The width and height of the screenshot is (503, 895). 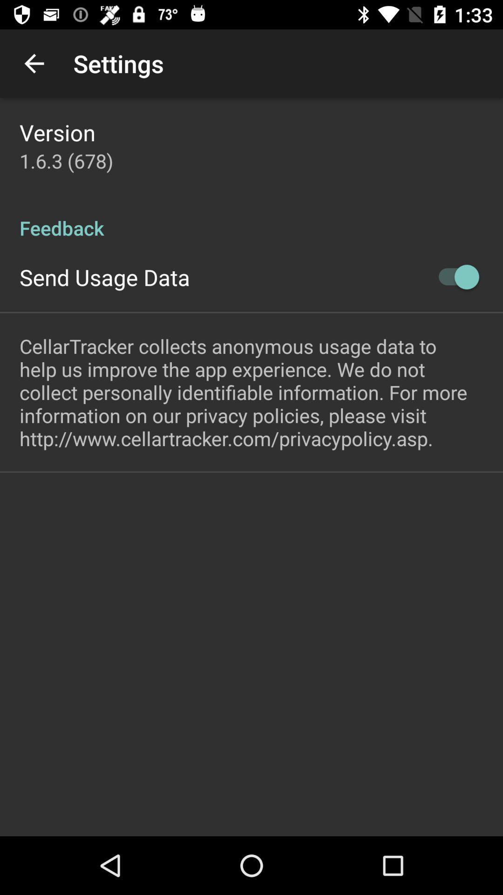 I want to click on the app above the version item, so click(x=34, y=63).